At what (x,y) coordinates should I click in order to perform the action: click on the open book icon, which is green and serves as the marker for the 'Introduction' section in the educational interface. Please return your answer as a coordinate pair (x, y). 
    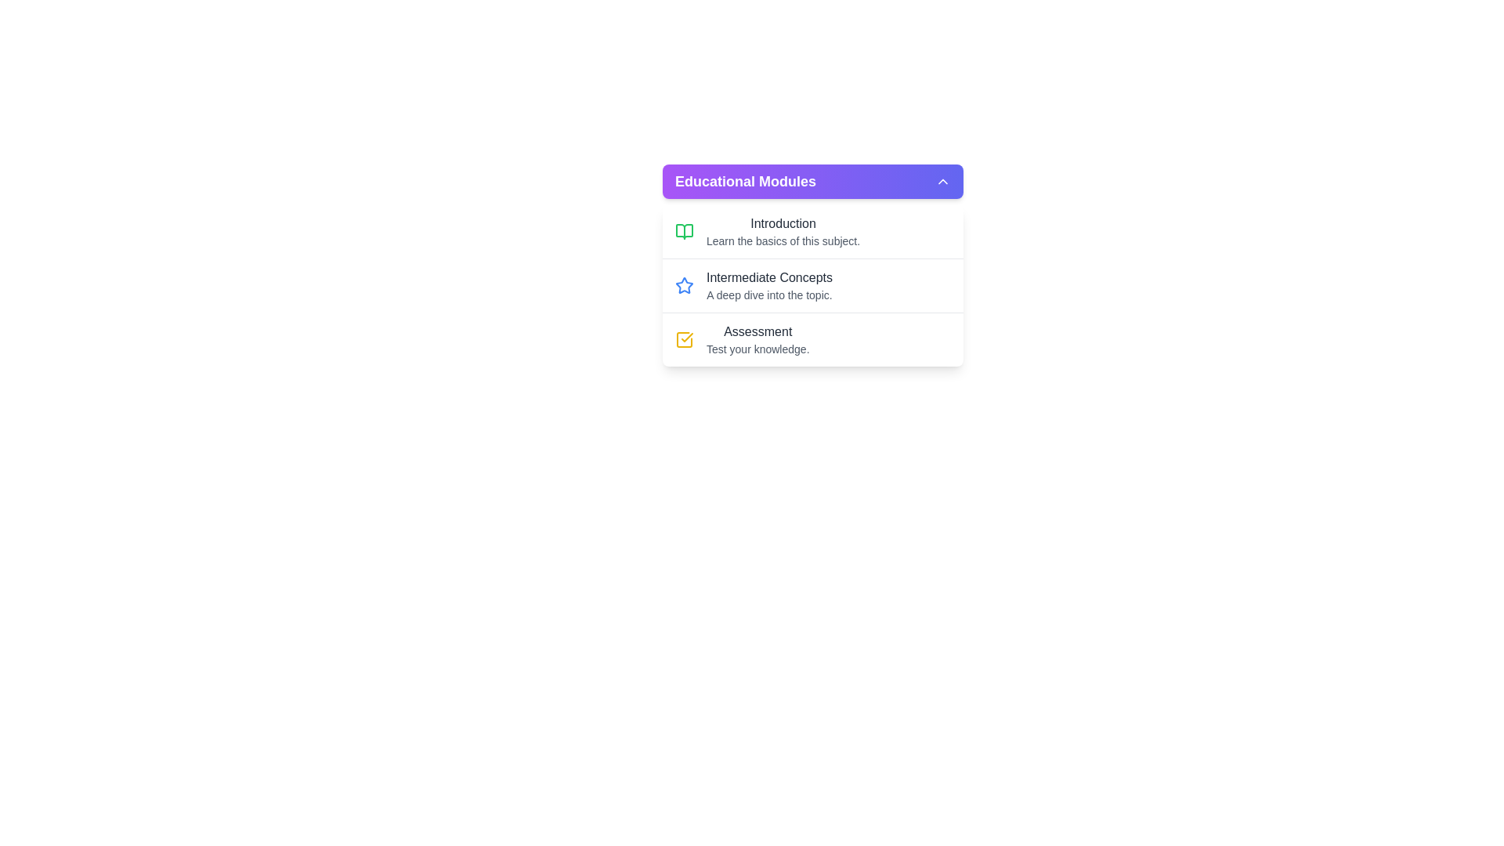
    Looking at the image, I should click on (684, 232).